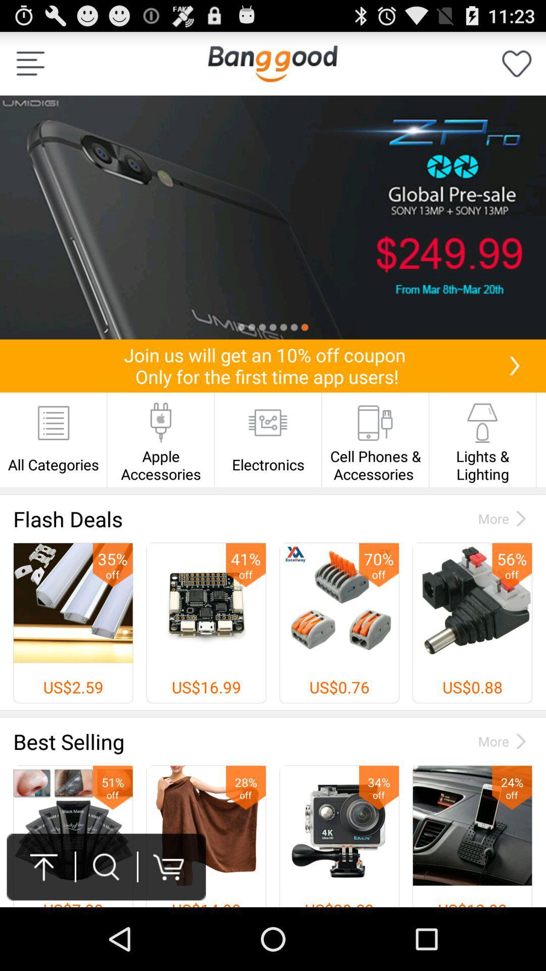  I want to click on return home, so click(272, 63).